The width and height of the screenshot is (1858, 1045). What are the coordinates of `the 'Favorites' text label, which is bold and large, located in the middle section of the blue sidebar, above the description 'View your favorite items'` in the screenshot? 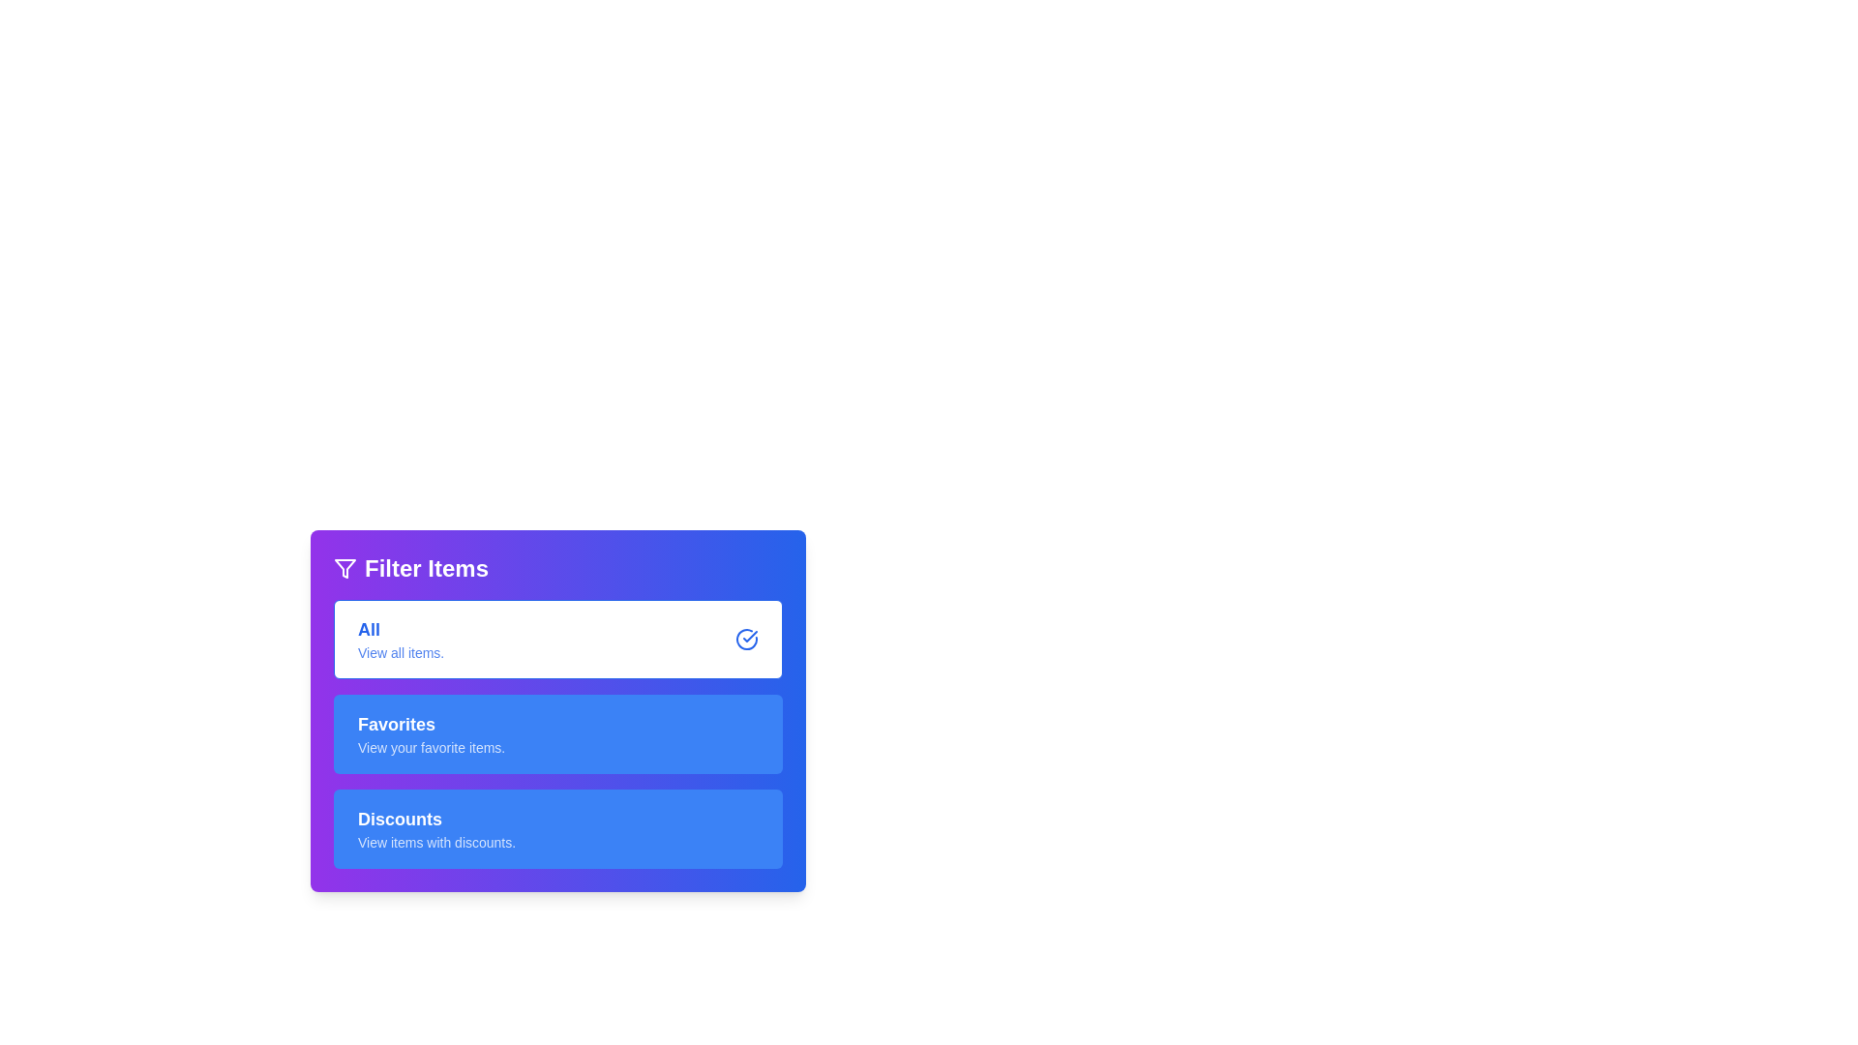 It's located at (431, 724).